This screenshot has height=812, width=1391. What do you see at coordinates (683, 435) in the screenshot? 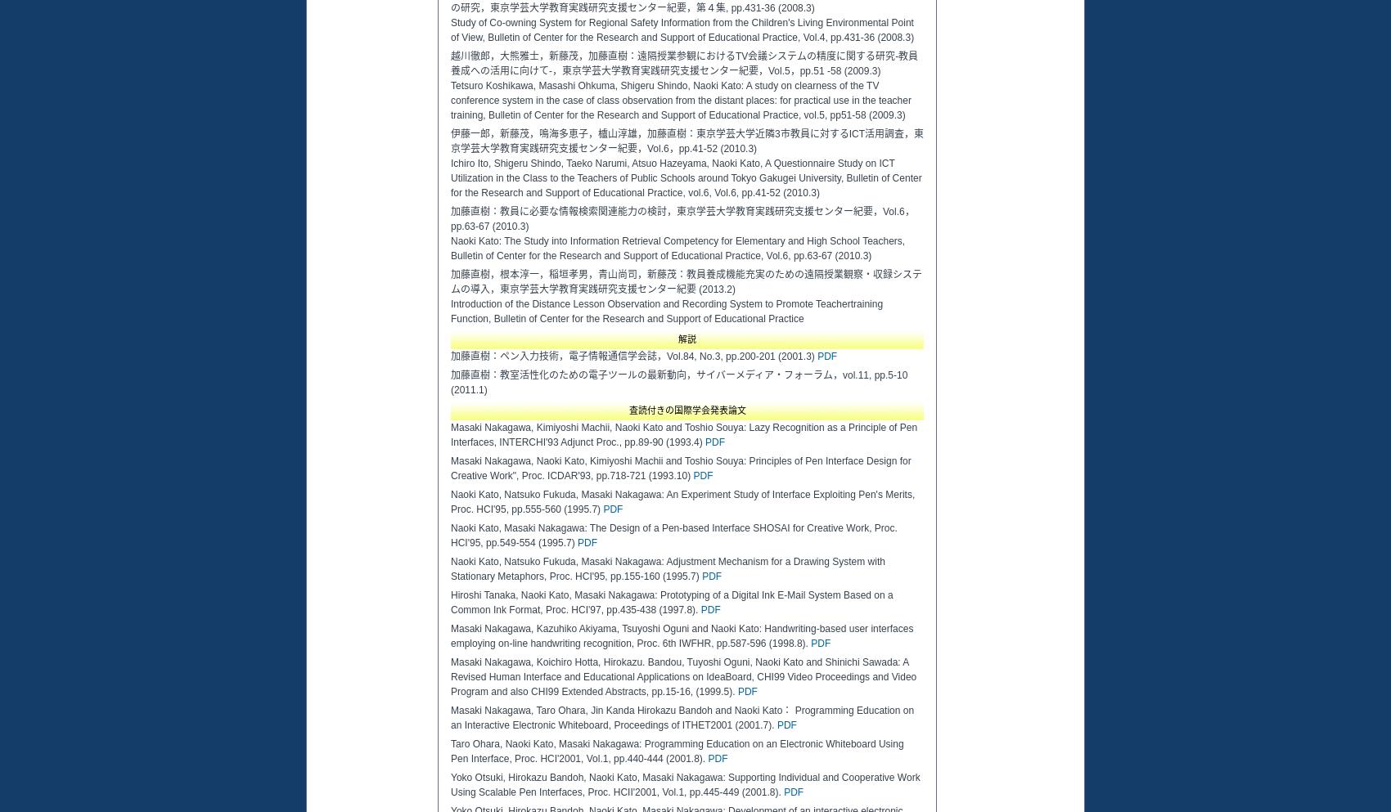
I see `'Masaki Nakagawa, Kimiyoshi Machii, Naoki Kato and Toshio Souya: Lazy Recognition as a Principle of Pen Interfaces, INTERCHI'93 Adjunct Proc., pp.89-90 (1993.4)'` at bounding box center [683, 435].